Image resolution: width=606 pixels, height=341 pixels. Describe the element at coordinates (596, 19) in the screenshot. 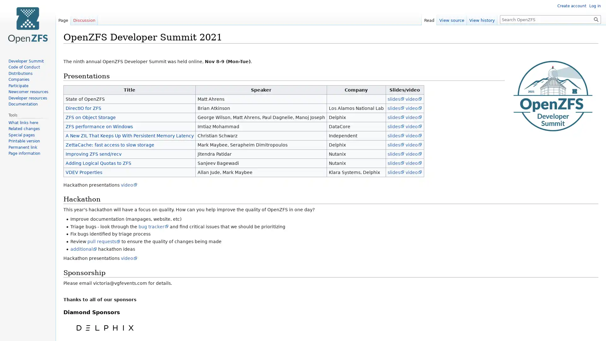

I see `Search` at that location.